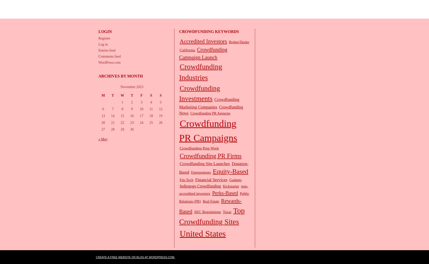 This screenshot has height=264, width=429. Describe the element at coordinates (122, 109) in the screenshot. I see `'8'` at that location.